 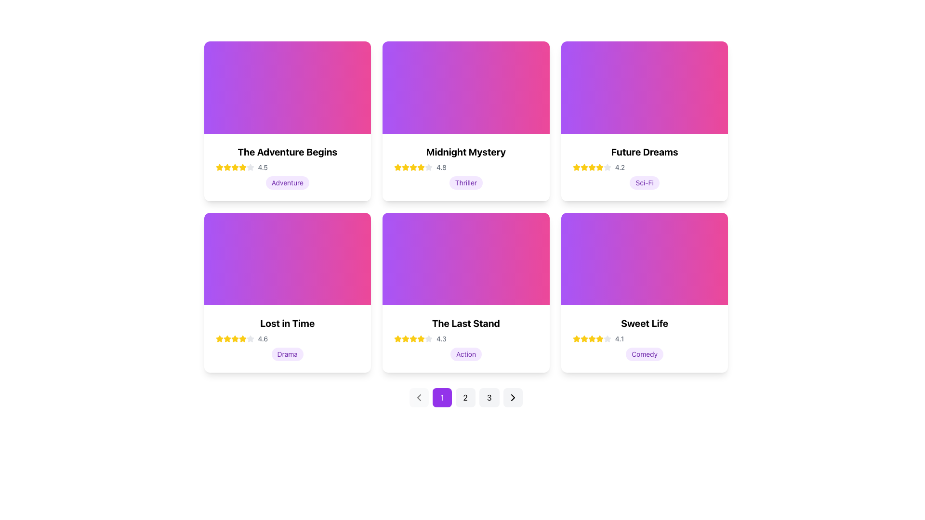 What do you see at coordinates (242, 338) in the screenshot?
I see `the fourth filled rating star icon representing the rating for the item 'Lost in Time', located in the visual grid layout, positioned below the title and above the genre label 'Drama'` at bounding box center [242, 338].